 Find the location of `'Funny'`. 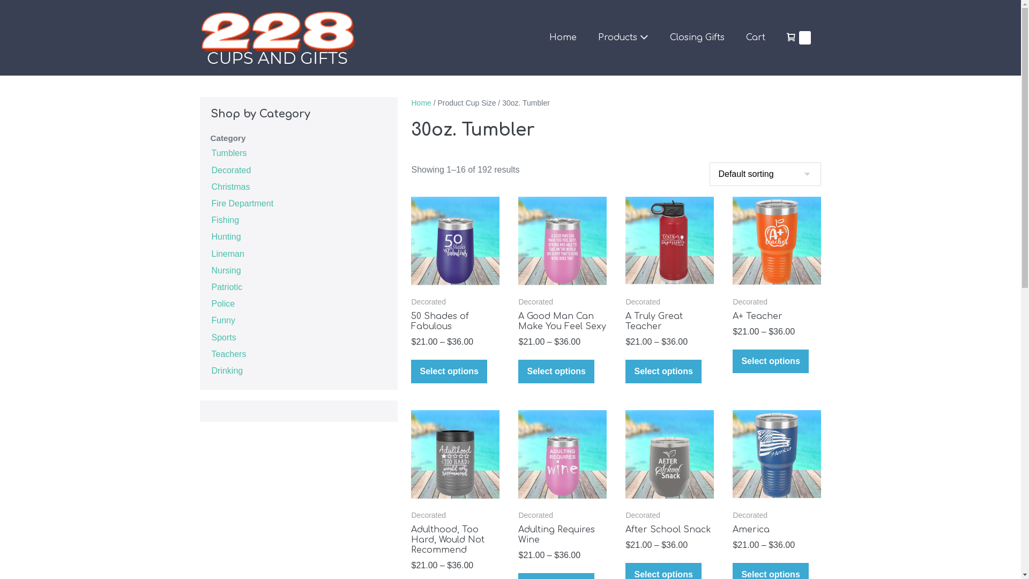

'Funny' is located at coordinates (222, 319).